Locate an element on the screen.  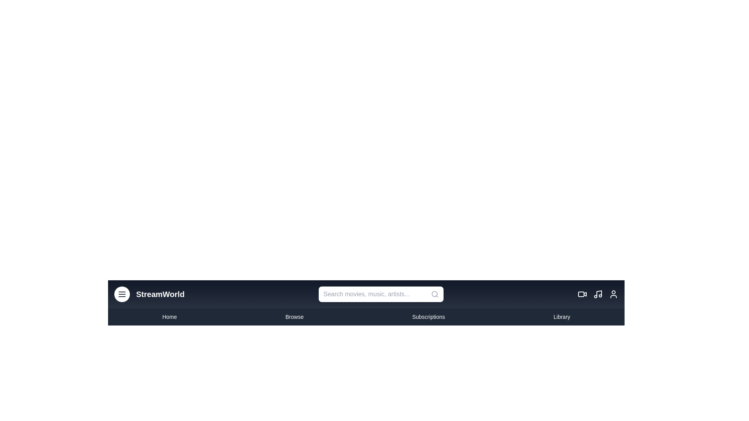
menu toggle button to toggle the menu visibility is located at coordinates (121, 294).